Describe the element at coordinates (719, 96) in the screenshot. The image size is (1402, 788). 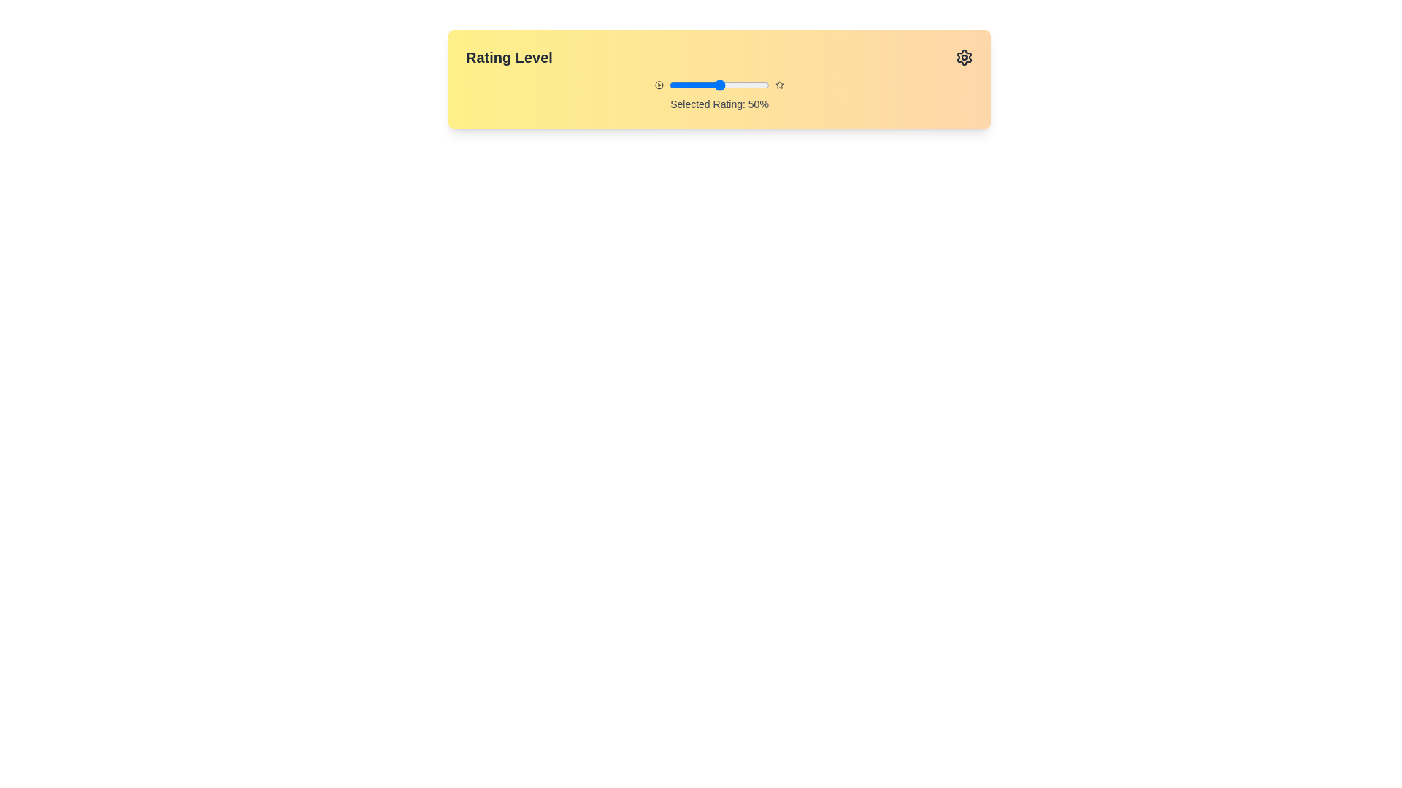
I see `the text label displaying 'Selected Rating: 50%' which is centrally aligned and located below the slider bar in the rating interface` at that location.